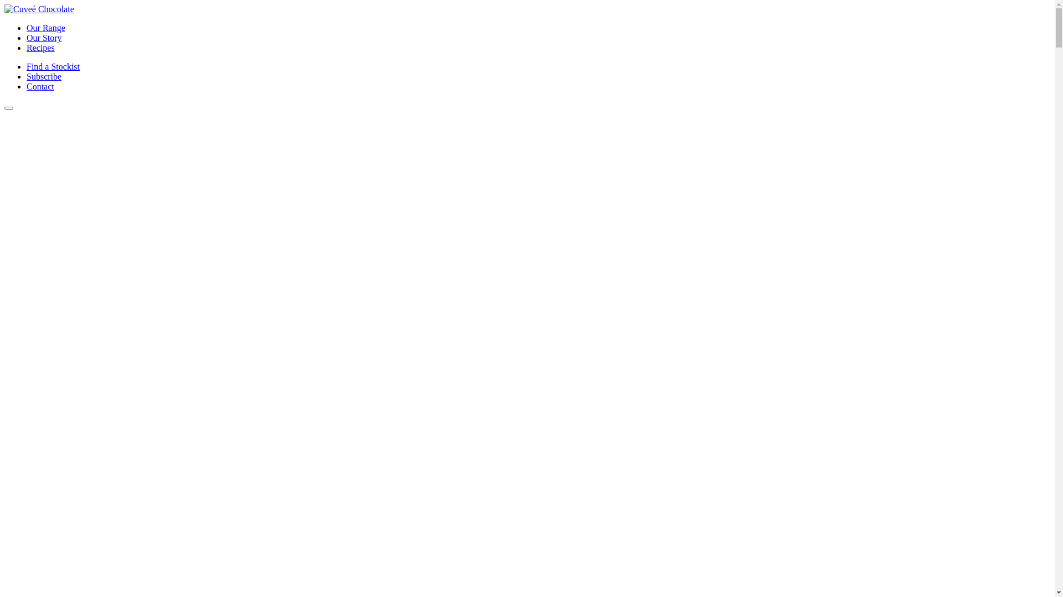  What do you see at coordinates (40, 86) in the screenshot?
I see `'Contact'` at bounding box center [40, 86].